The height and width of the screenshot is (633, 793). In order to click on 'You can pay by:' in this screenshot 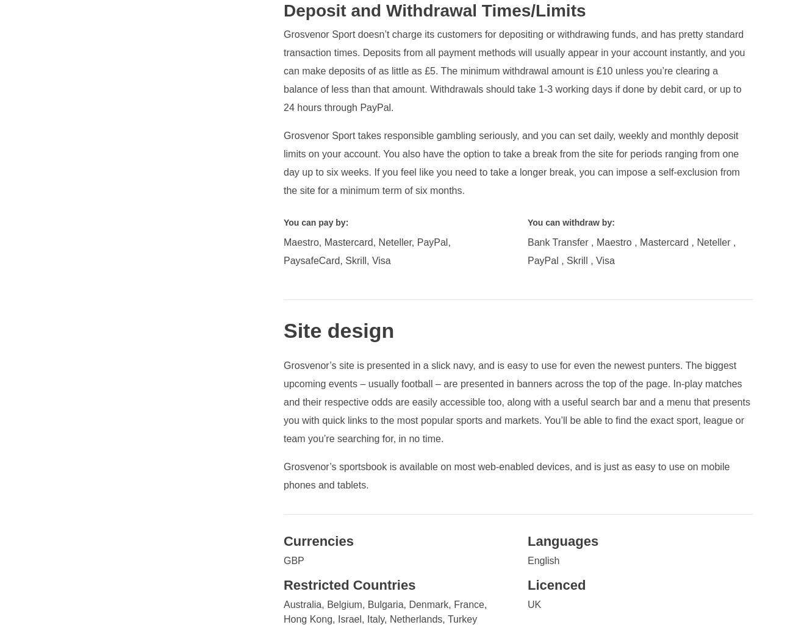, I will do `click(315, 222)`.